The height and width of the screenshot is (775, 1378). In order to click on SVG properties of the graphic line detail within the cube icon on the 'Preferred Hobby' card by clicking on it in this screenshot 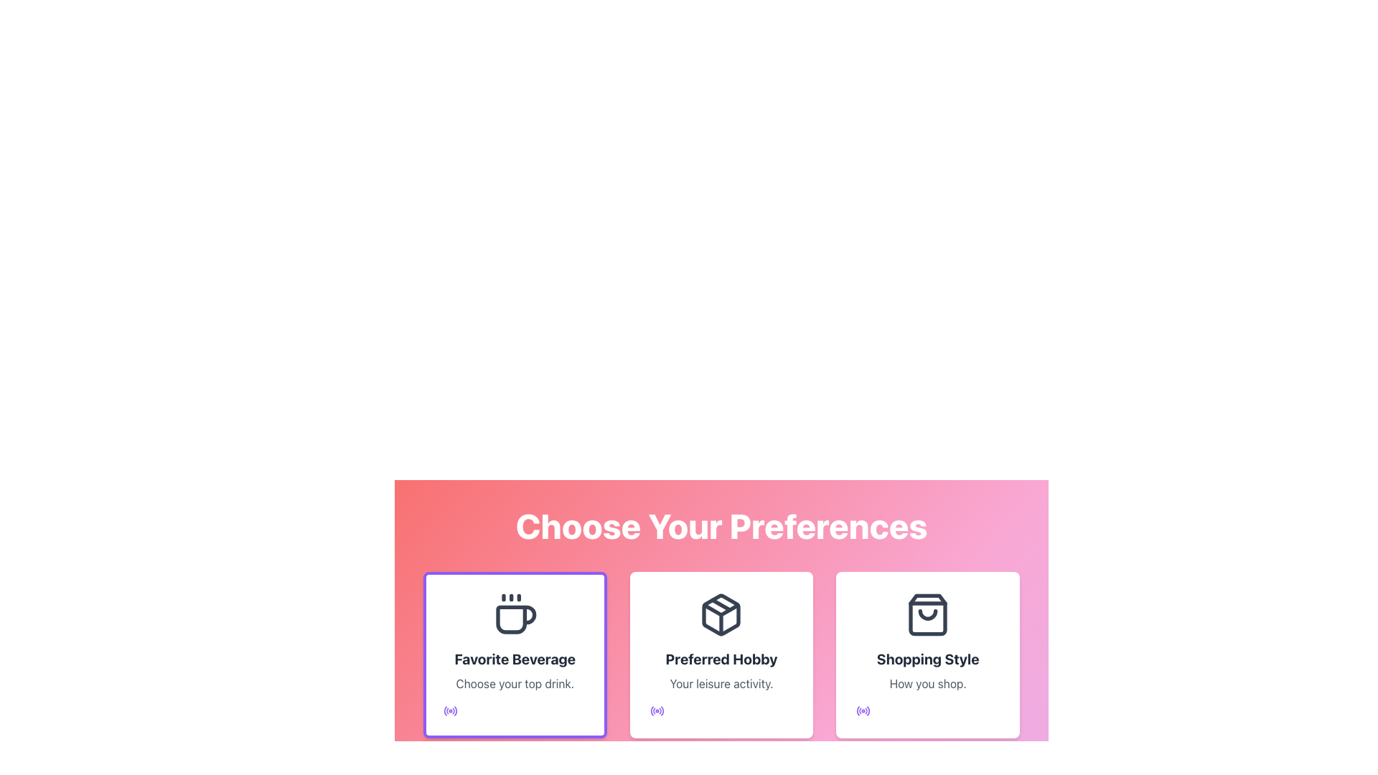, I will do `click(721, 605)`.